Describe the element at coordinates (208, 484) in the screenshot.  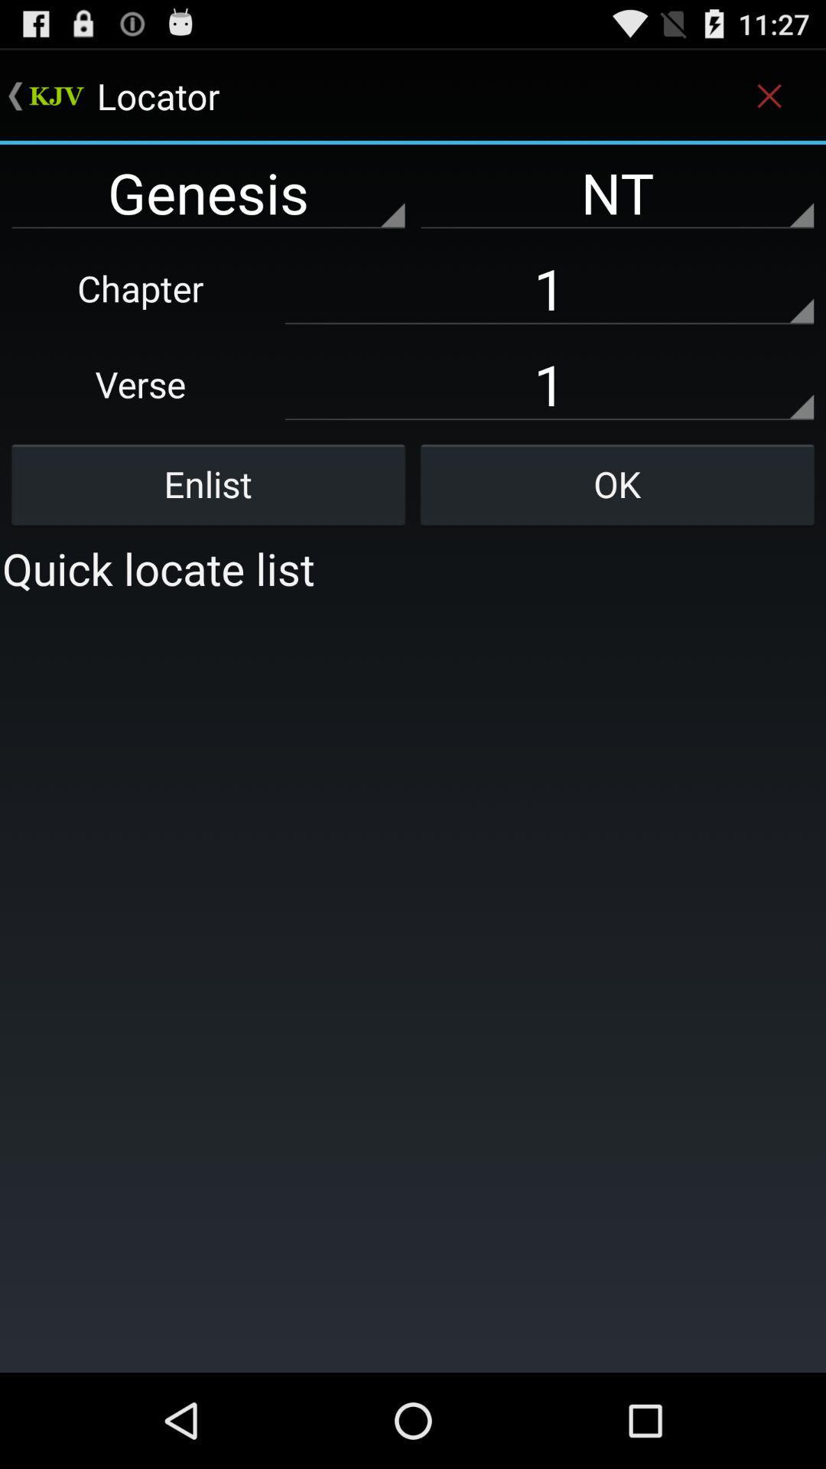
I see `icon to the left of the ok icon` at that location.